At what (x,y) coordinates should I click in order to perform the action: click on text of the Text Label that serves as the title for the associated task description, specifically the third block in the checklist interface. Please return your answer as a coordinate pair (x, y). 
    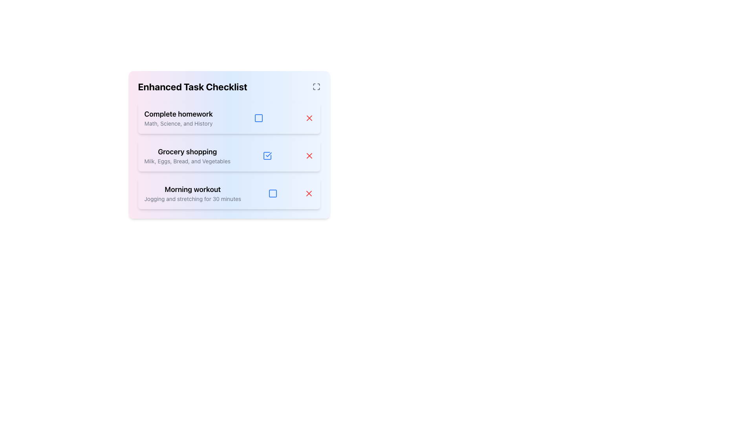
    Looking at the image, I should click on (192, 189).